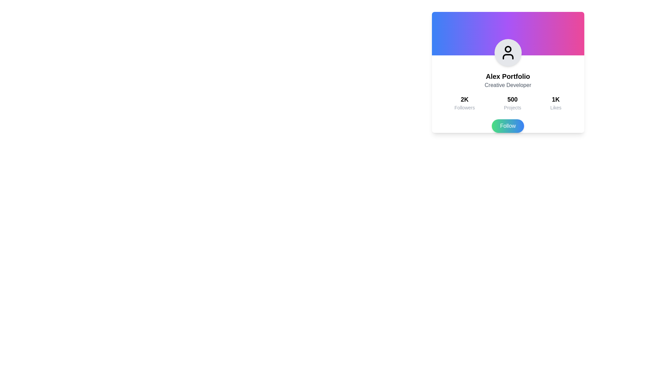 Image resolution: width=653 pixels, height=367 pixels. Describe the element at coordinates (556, 107) in the screenshot. I see `the 'Likes' text label located beneath the '1K' numerical value, which is part of a vertical stack aligned to the right with other groups for 'Followers' and 'Projects'` at that location.